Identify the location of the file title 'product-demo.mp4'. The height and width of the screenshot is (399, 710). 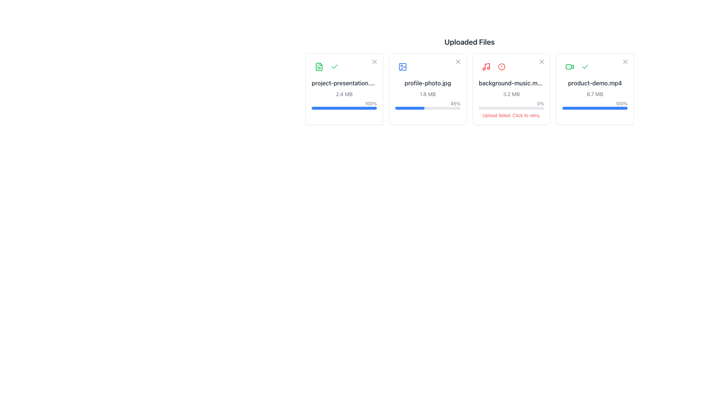
(595, 105).